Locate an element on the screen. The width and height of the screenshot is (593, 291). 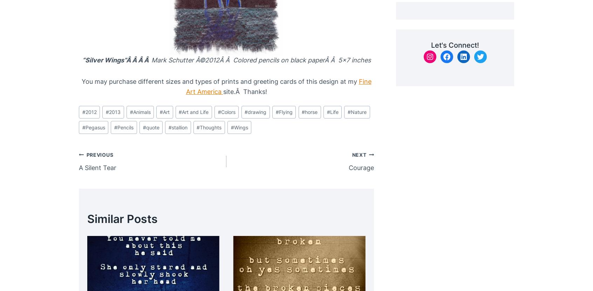
'Courage' is located at coordinates (361, 167).